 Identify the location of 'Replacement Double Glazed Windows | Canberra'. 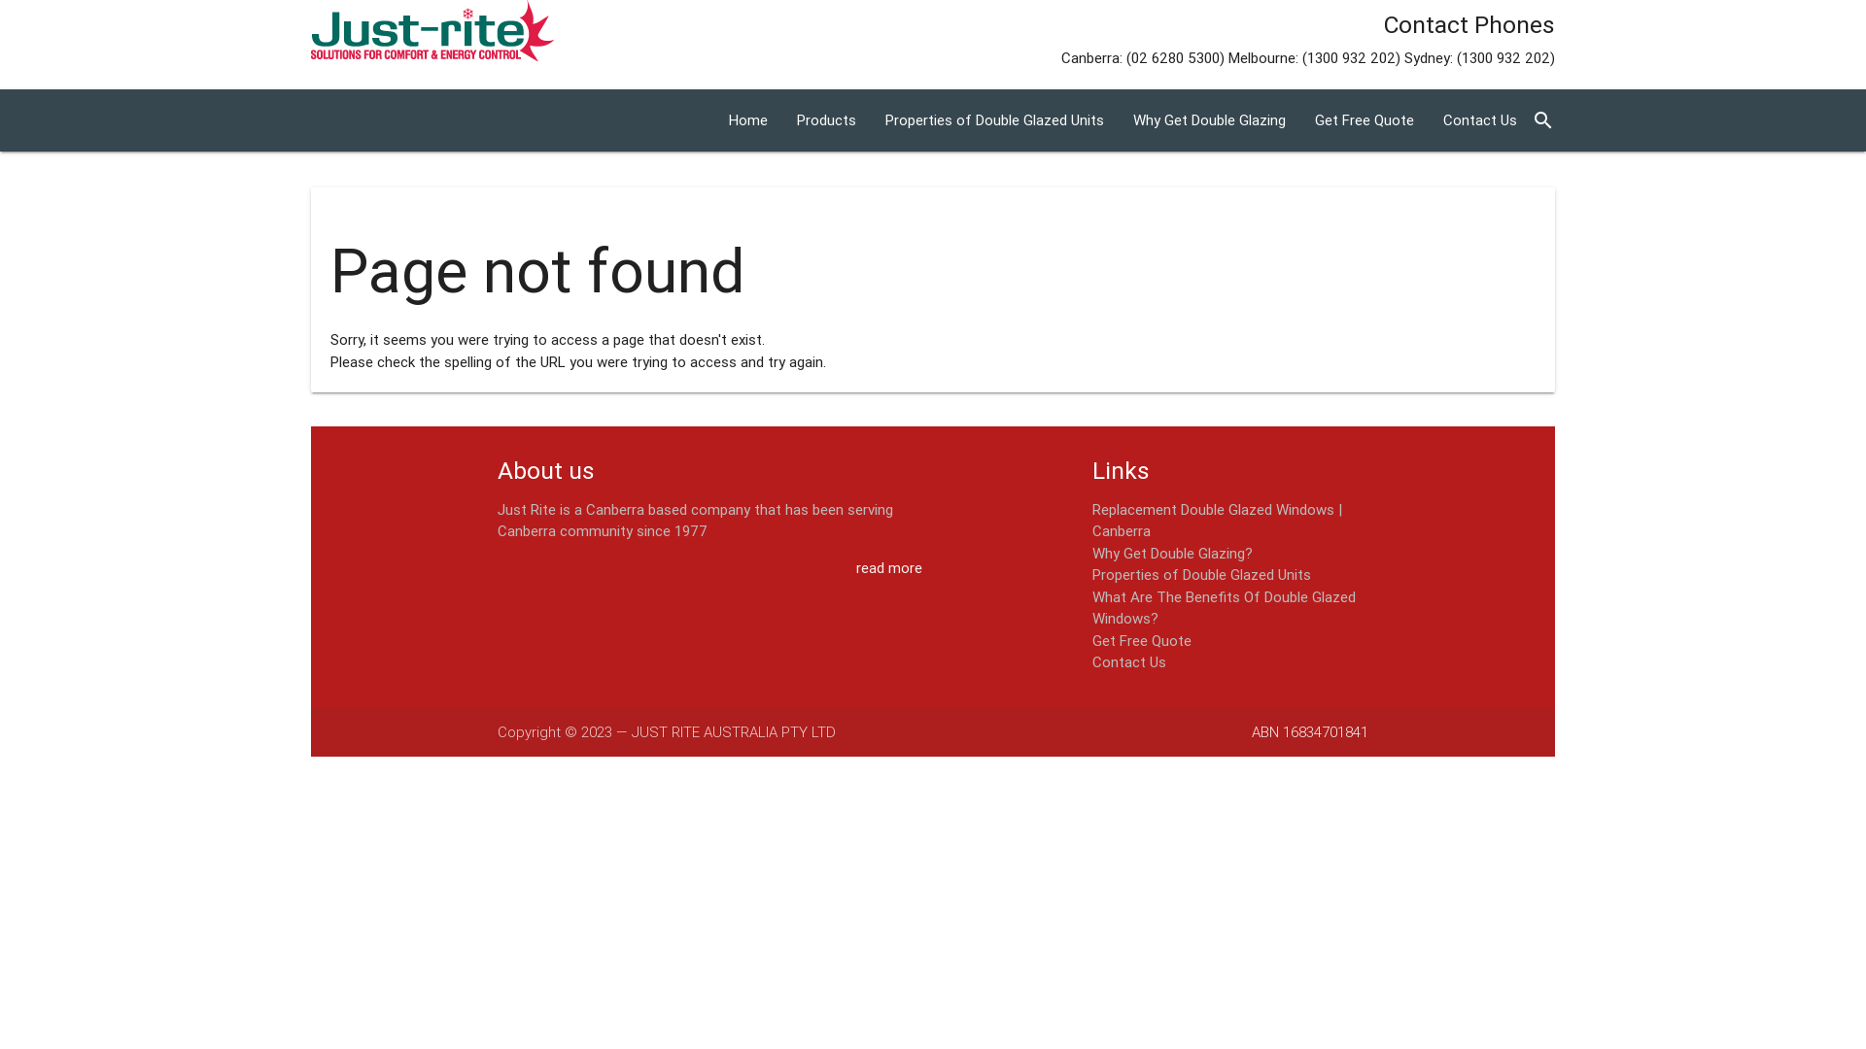
(1216, 519).